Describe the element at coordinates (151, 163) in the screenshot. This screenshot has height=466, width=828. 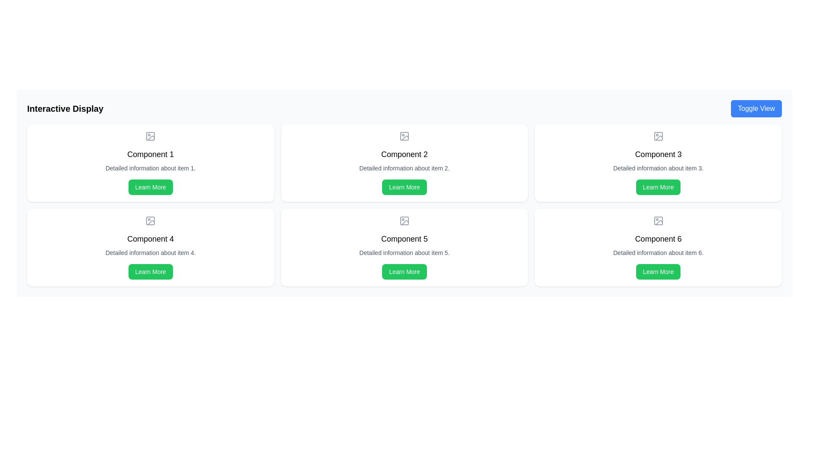
I see `description of the first card in the grid display that summarizes information about an item` at that location.